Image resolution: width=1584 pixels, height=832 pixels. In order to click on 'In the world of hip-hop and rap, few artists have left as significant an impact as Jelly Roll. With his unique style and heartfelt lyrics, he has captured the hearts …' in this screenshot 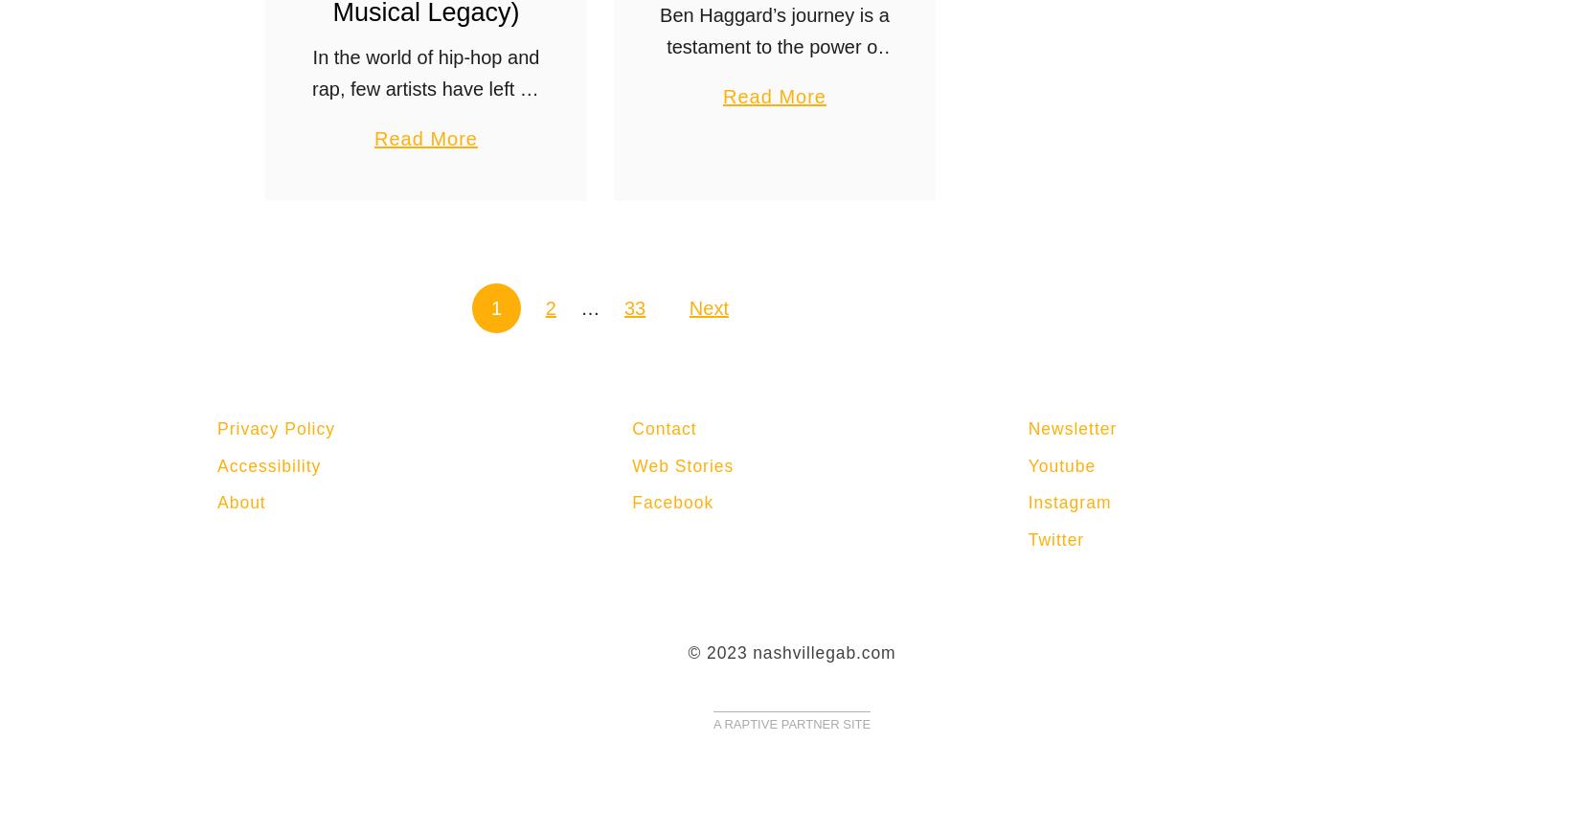, I will do `click(425, 149)`.